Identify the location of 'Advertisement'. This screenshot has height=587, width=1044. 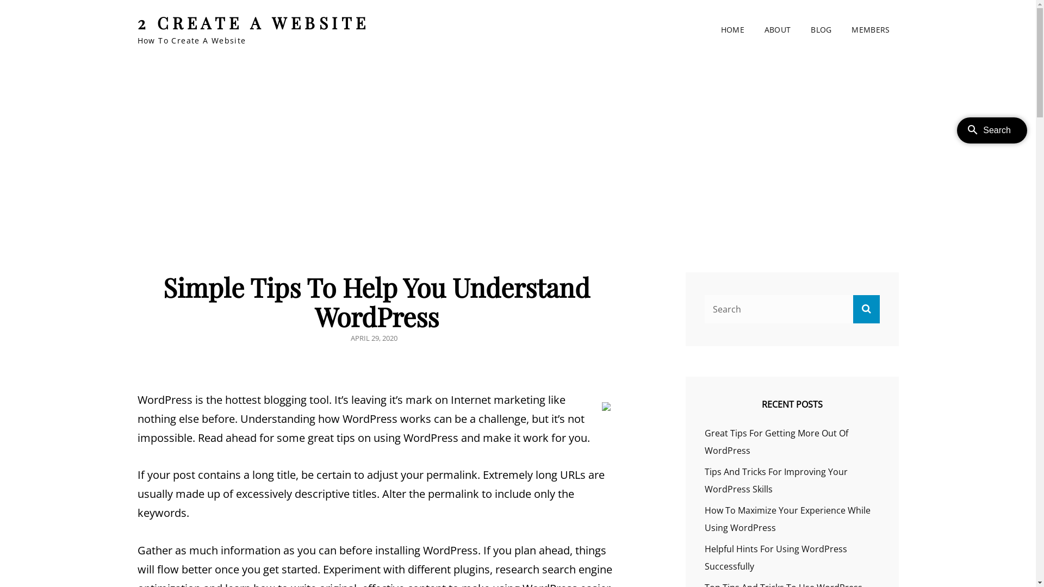
(191, 142).